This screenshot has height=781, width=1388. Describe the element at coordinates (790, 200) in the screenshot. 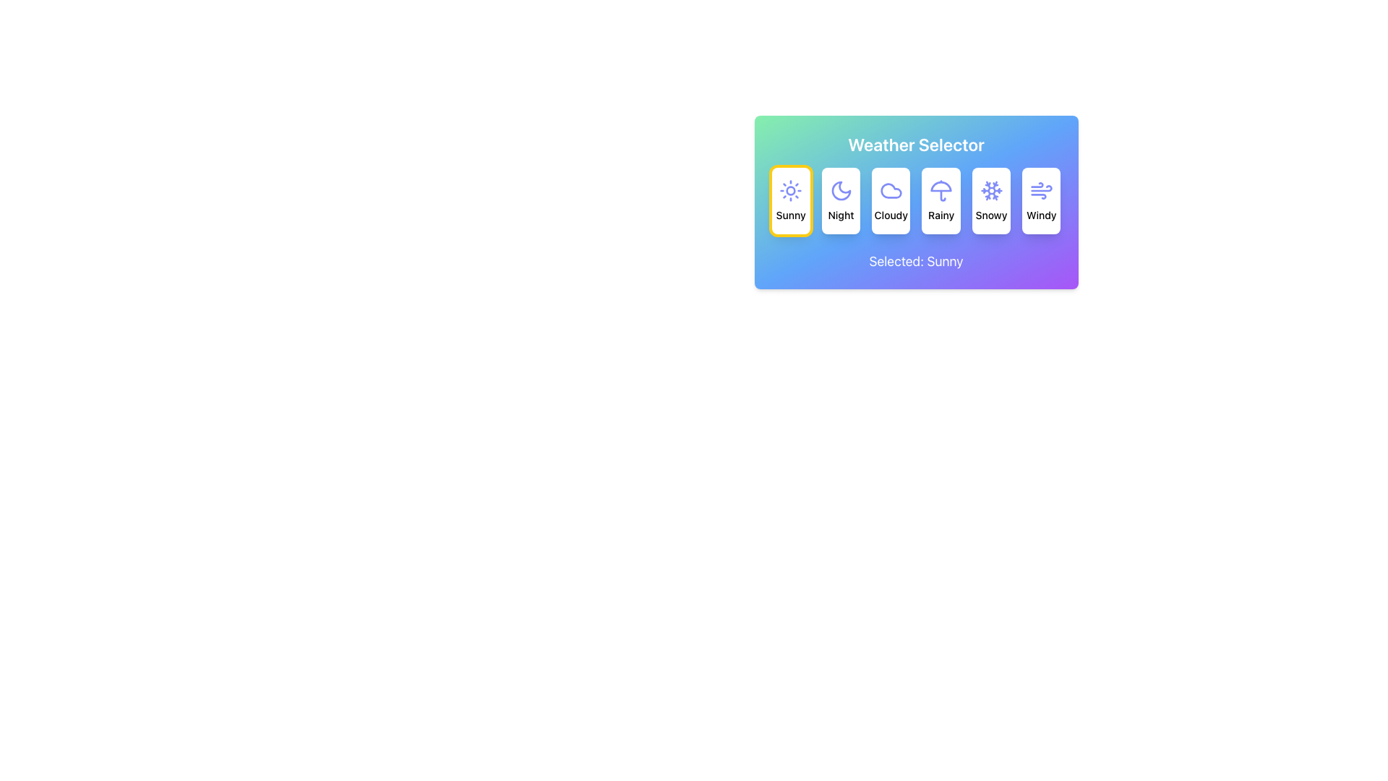

I see `the first button in the horizontal grid` at that location.